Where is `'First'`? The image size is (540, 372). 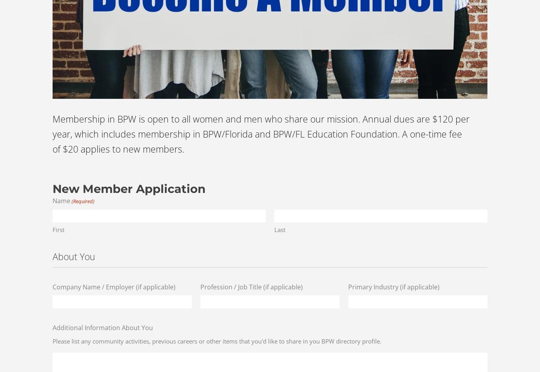
'First' is located at coordinates (58, 229).